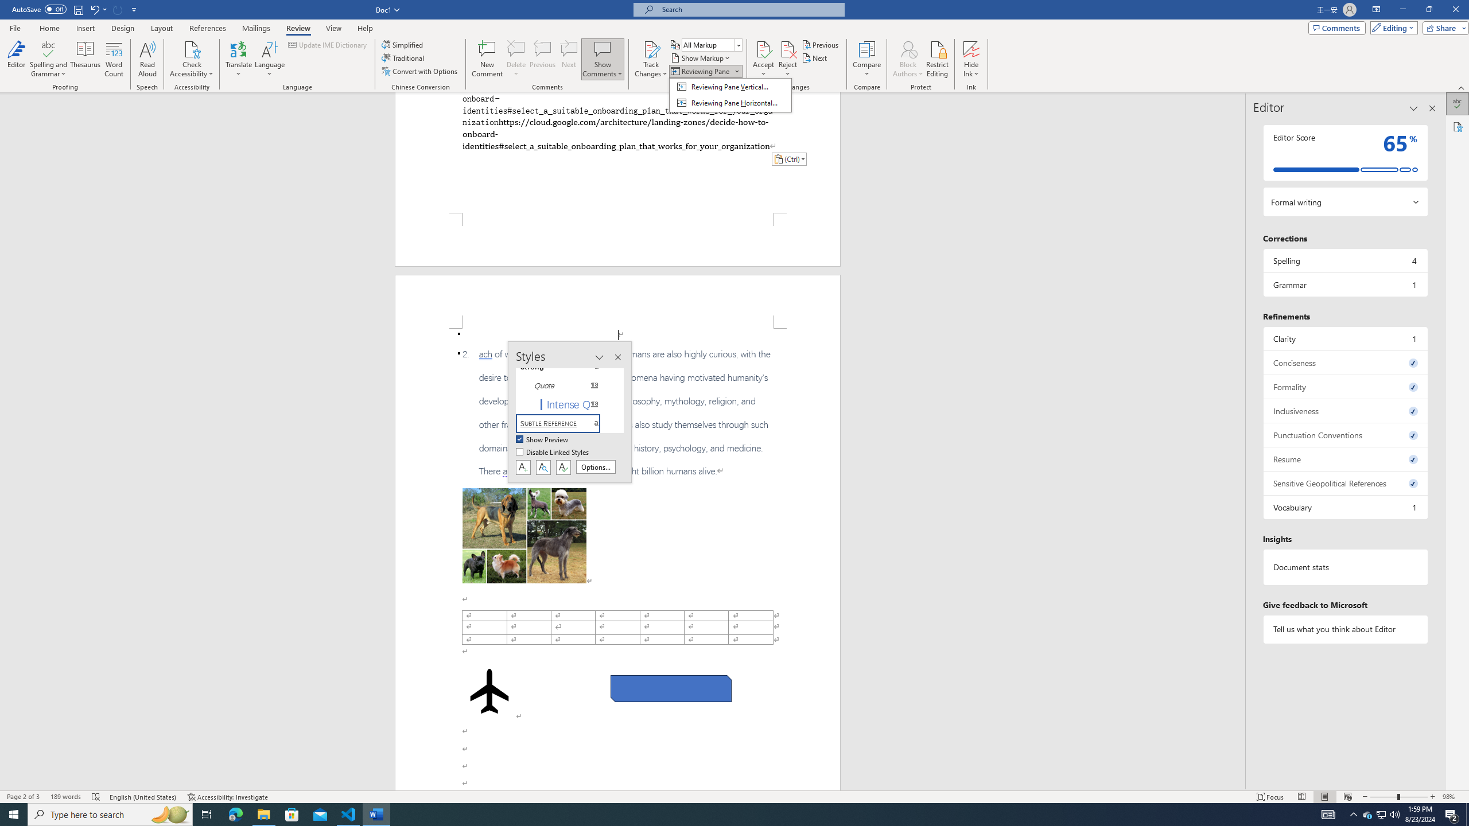 This screenshot has height=826, width=1469. Describe the element at coordinates (404, 57) in the screenshot. I see `'Traditional'` at that location.